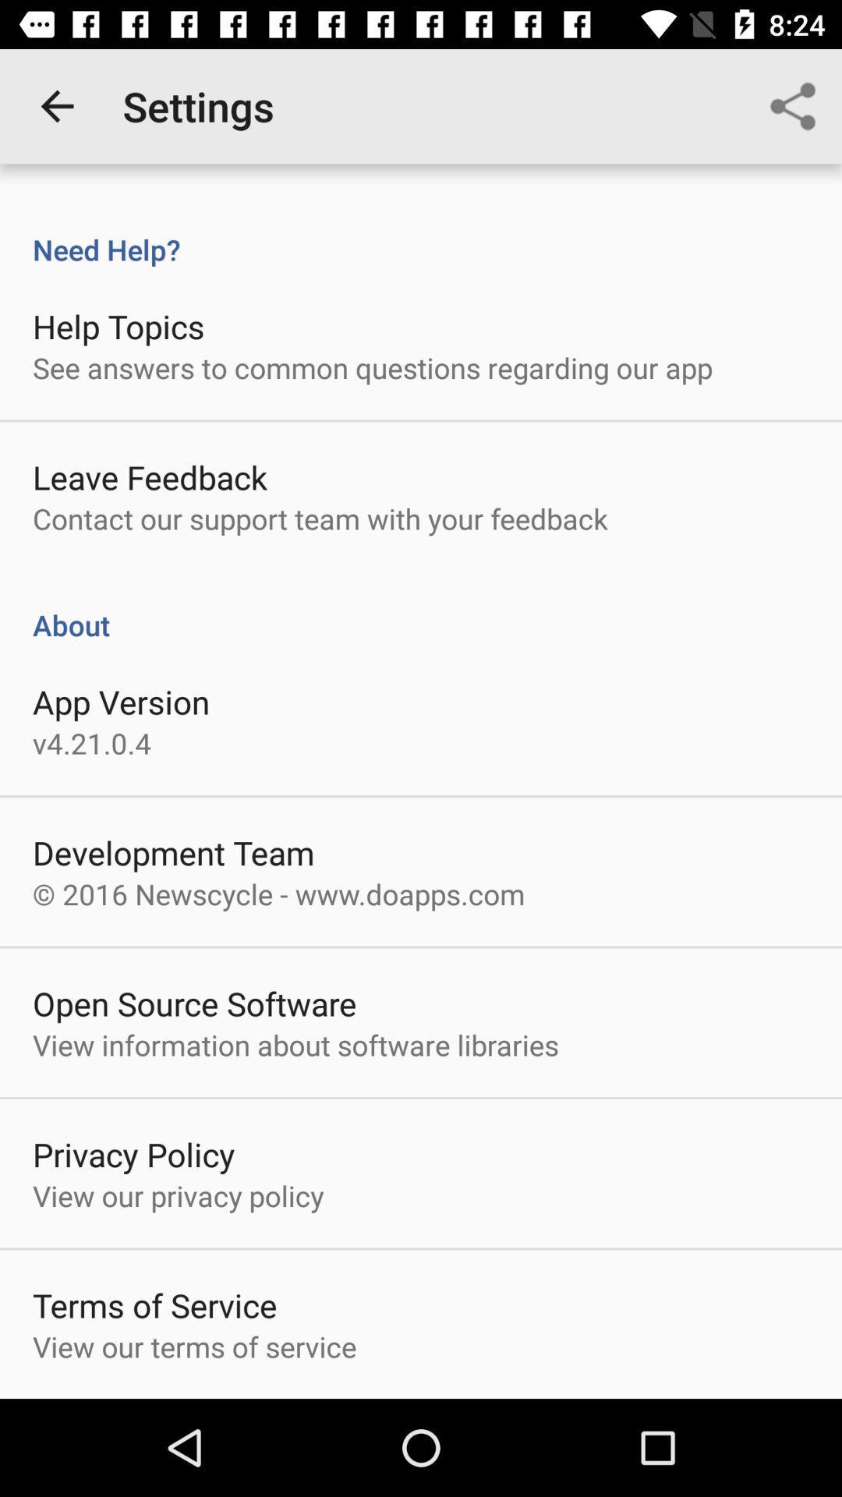 The width and height of the screenshot is (842, 1497). Describe the element at coordinates (320, 518) in the screenshot. I see `the contact our support item` at that location.